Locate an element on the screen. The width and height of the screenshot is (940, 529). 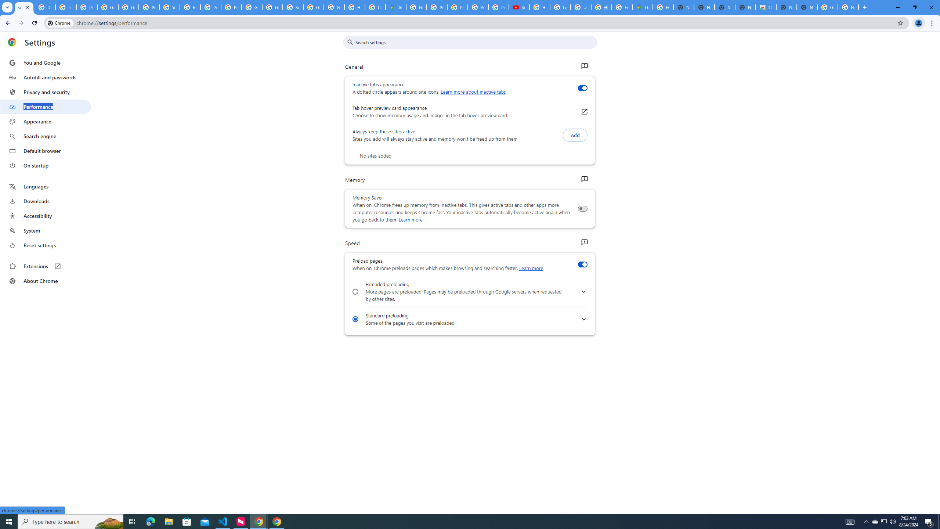
'Inactive tabs appearance' is located at coordinates (582, 88).